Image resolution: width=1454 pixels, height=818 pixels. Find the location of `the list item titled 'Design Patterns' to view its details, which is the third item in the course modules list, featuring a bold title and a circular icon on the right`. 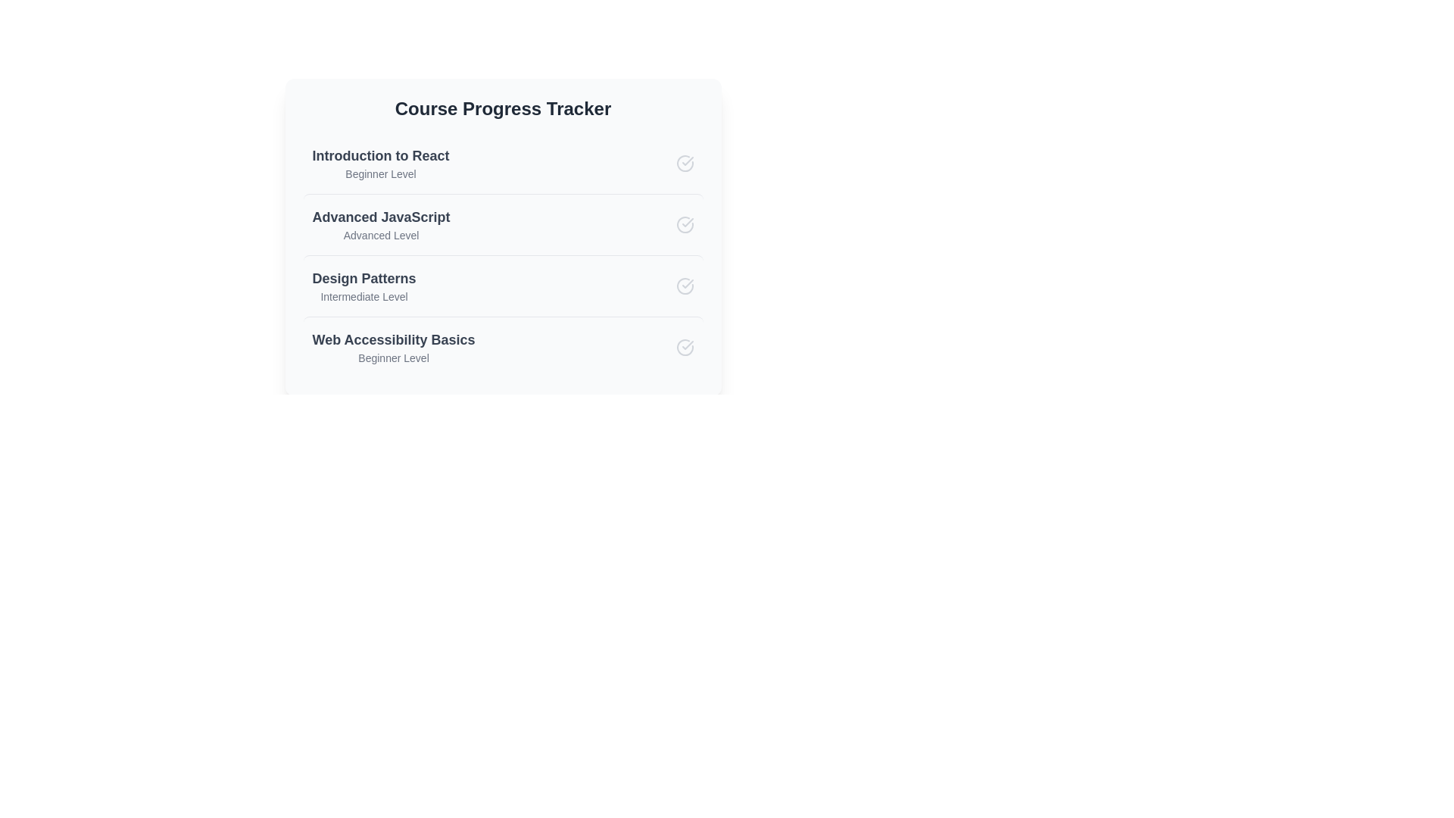

the list item titled 'Design Patterns' to view its details, which is the third item in the course modules list, featuring a bold title and a circular icon on the right is located at coordinates (503, 286).